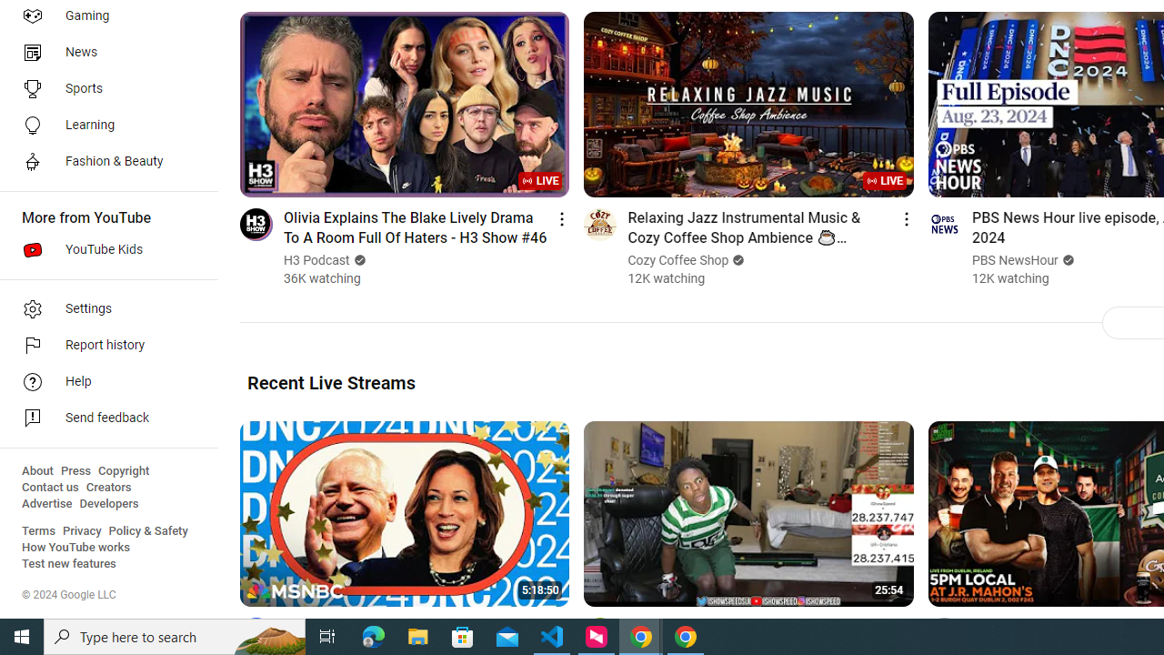 This screenshot has width=1164, height=655. I want to click on 'Developers', so click(108, 504).